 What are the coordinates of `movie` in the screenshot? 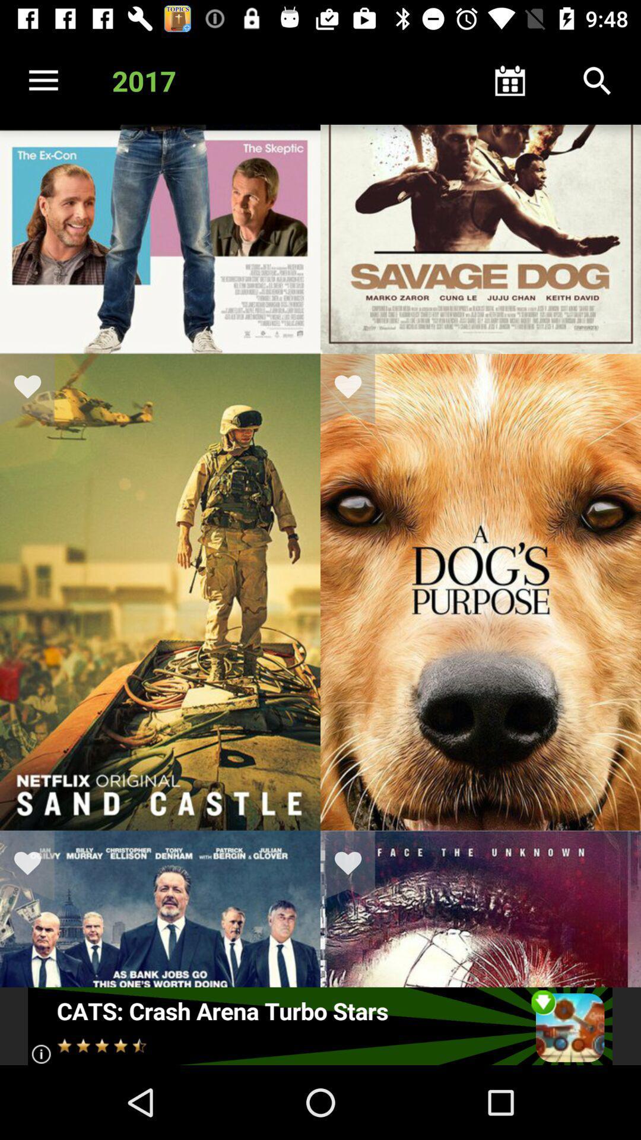 It's located at (355, 866).